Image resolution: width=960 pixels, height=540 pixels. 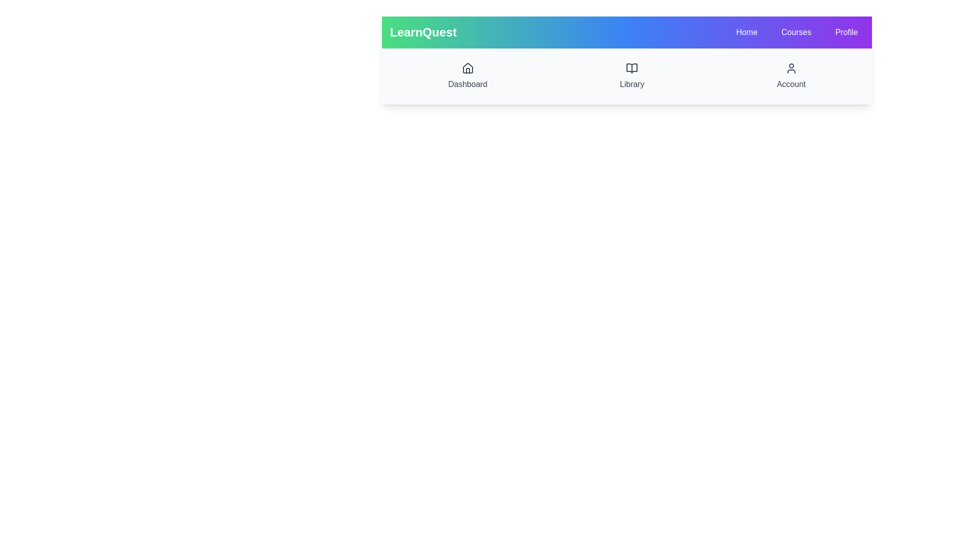 What do you see at coordinates (846, 32) in the screenshot?
I see `the navigation menu item Profile` at bounding box center [846, 32].